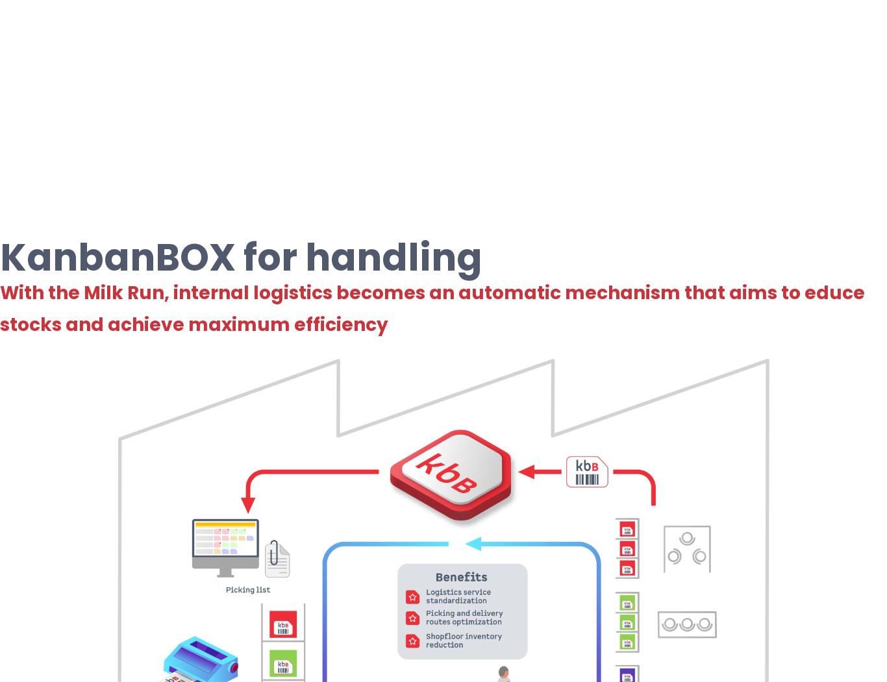 Image resolution: width=887 pixels, height=682 pixels. I want to click on 'Company', so click(483, 97).